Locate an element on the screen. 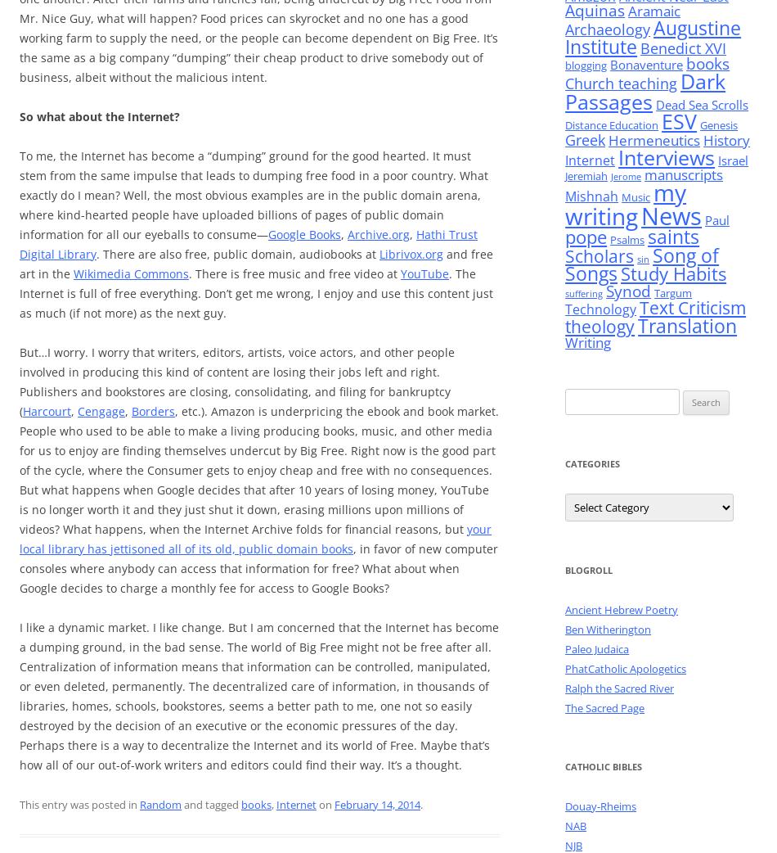 This screenshot has width=777, height=853. 'Church teaching' is located at coordinates (620, 83).